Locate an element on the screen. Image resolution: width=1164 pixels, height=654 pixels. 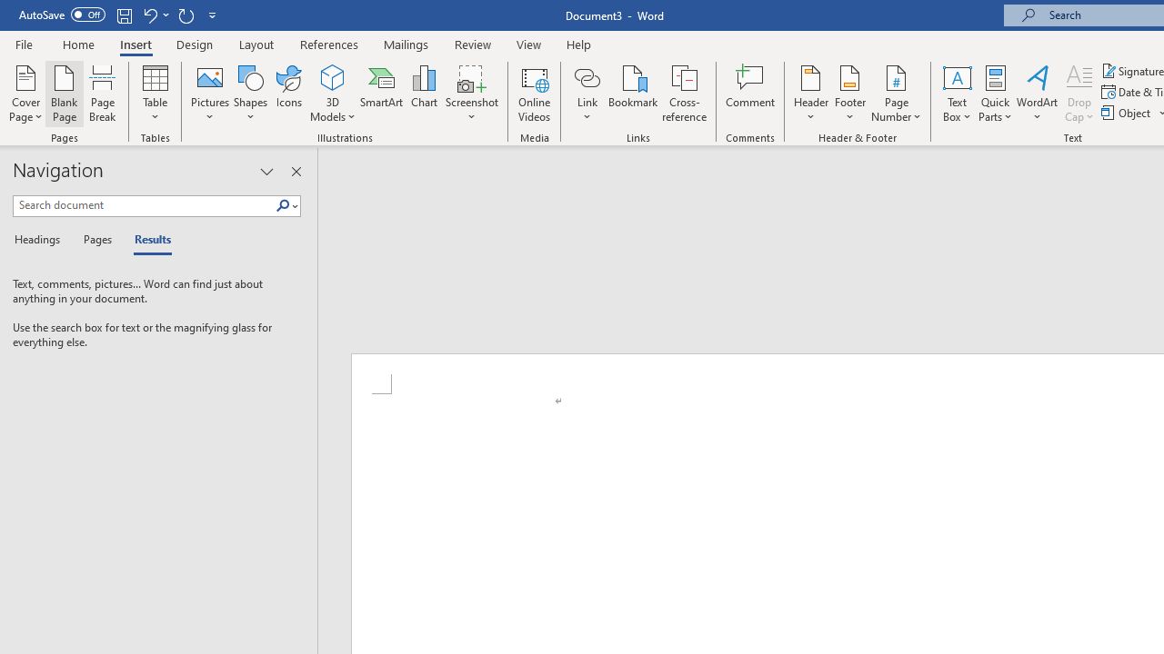
'Screenshot' is located at coordinates (472, 94).